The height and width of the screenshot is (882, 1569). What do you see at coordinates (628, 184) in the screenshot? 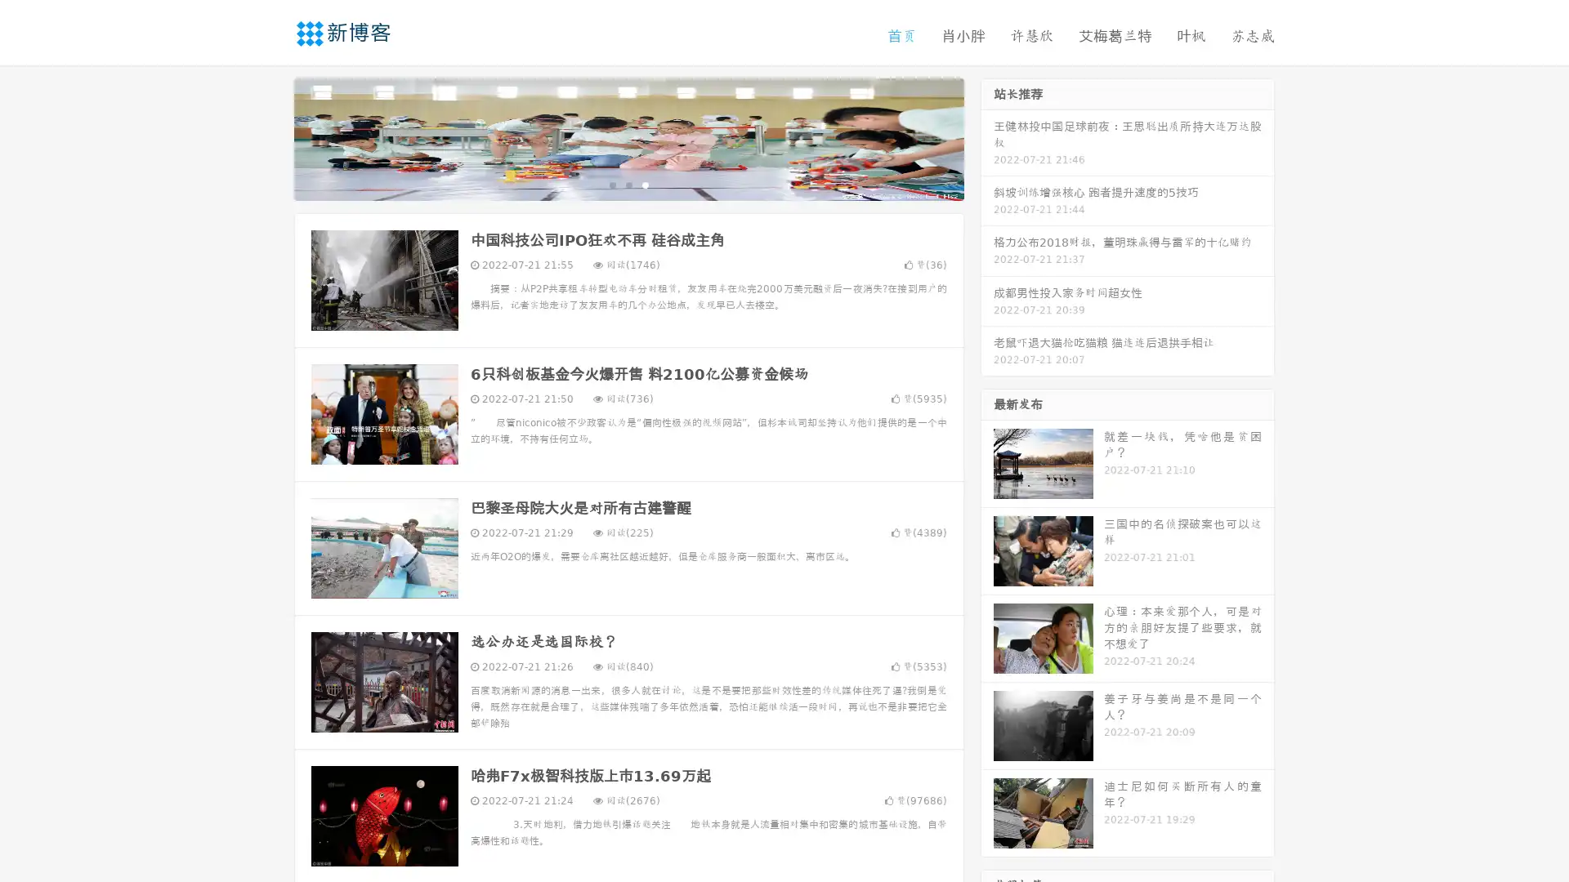
I see `Go to slide 2` at bounding box center [628, 184].